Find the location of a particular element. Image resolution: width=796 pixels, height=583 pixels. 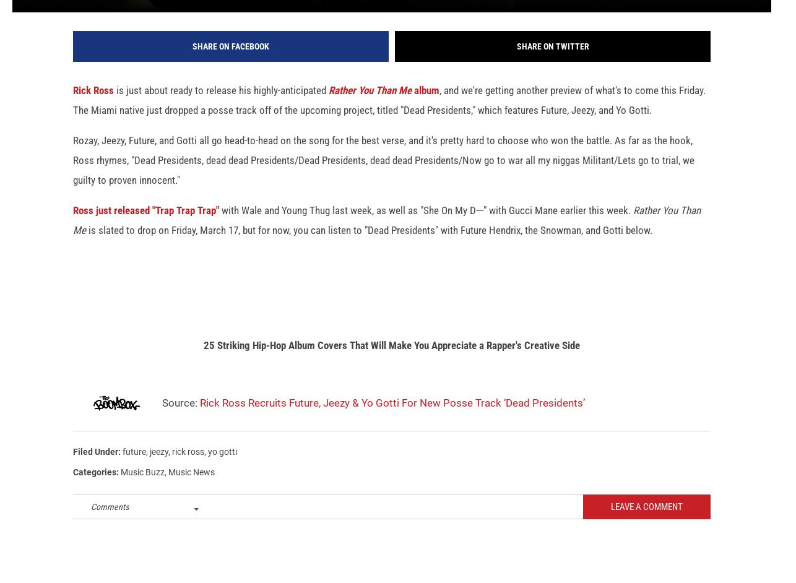

'Source:' is located at coordinates (180, 419).